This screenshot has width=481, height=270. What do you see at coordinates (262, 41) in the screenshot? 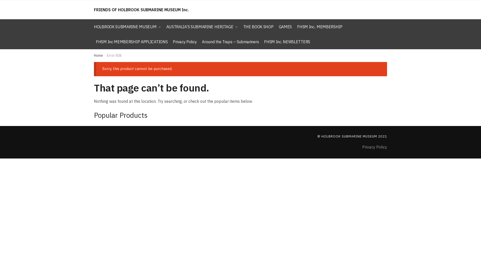
I see `'FHSM Inc. NEWSLETTERS'` at bounding box center [262, 41].